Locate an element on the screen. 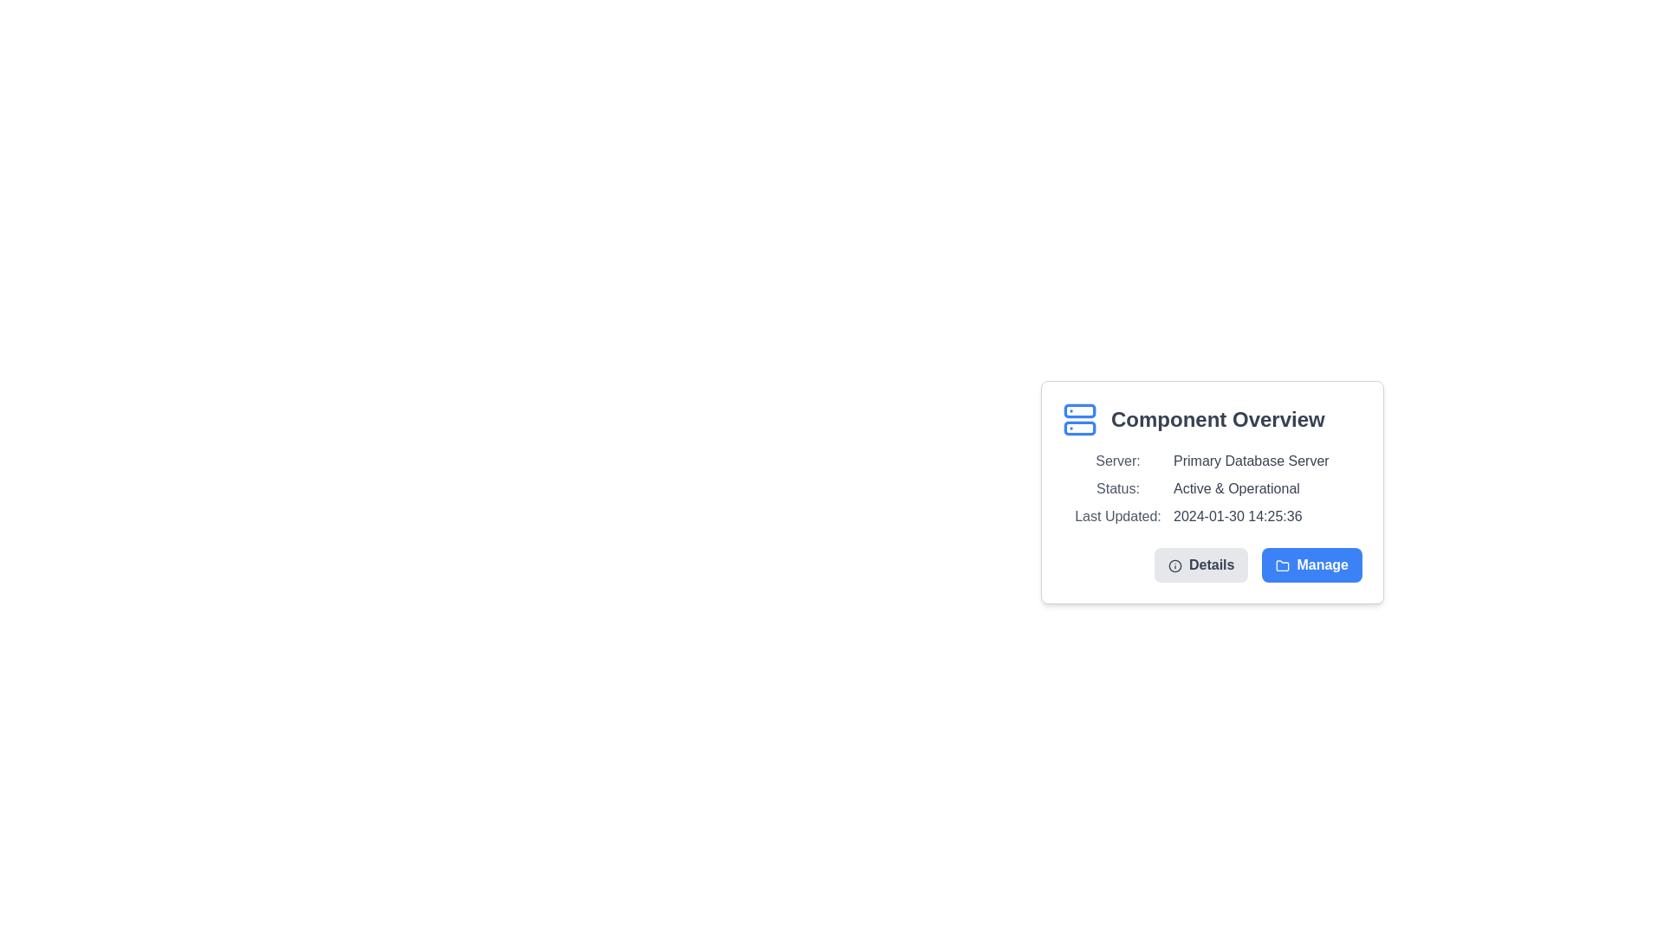  the decorative icon representing the server component next to the 'Component Overview' heading is located at coordinates (1079, 420).